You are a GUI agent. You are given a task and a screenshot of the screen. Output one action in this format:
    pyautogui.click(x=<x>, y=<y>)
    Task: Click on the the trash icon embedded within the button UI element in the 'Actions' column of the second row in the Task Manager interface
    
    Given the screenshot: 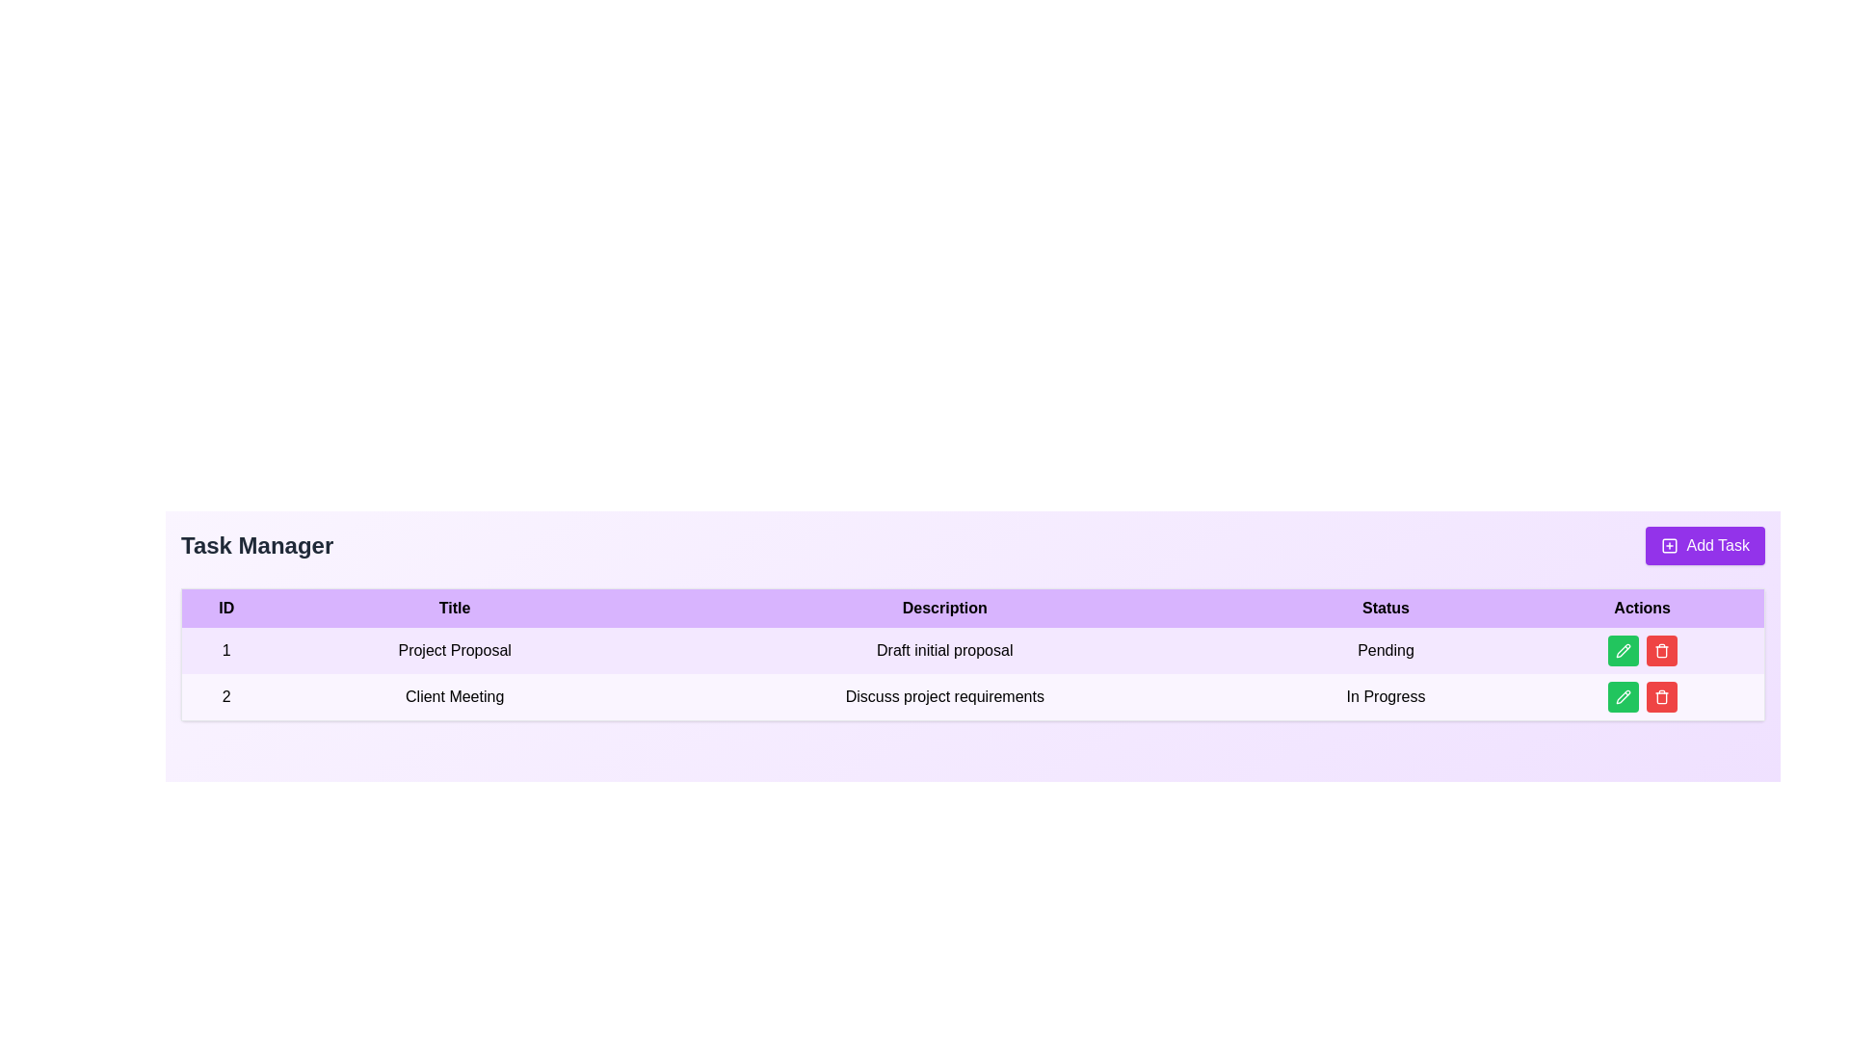 What is the action you would take?
    pyautogui.click(x=1660, y=697)
    